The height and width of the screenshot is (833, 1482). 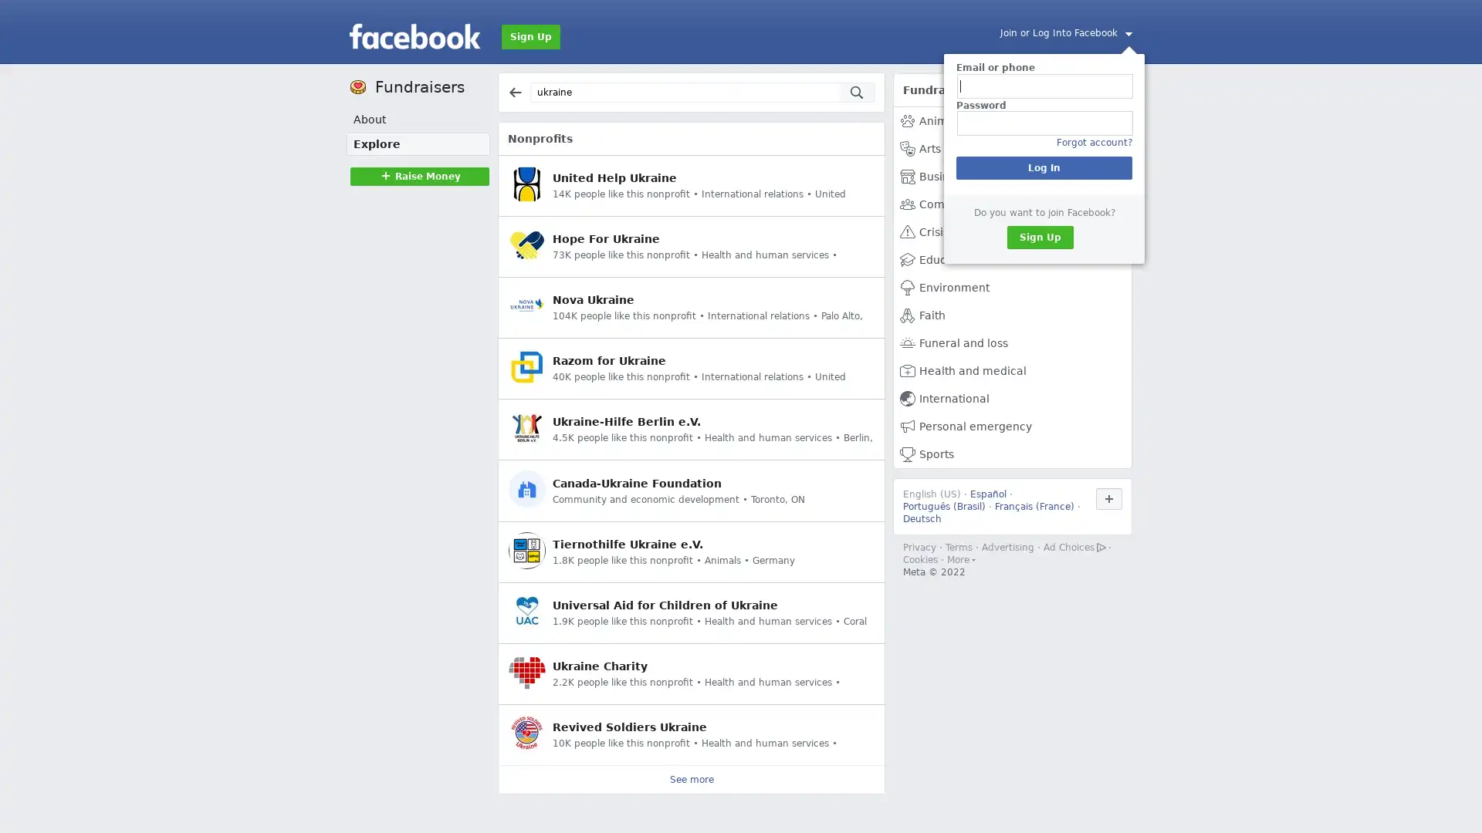 What do you see at coordinates (1044, 168) in the screenshot?
I see `Log In` at bounding box center [1044, 168].